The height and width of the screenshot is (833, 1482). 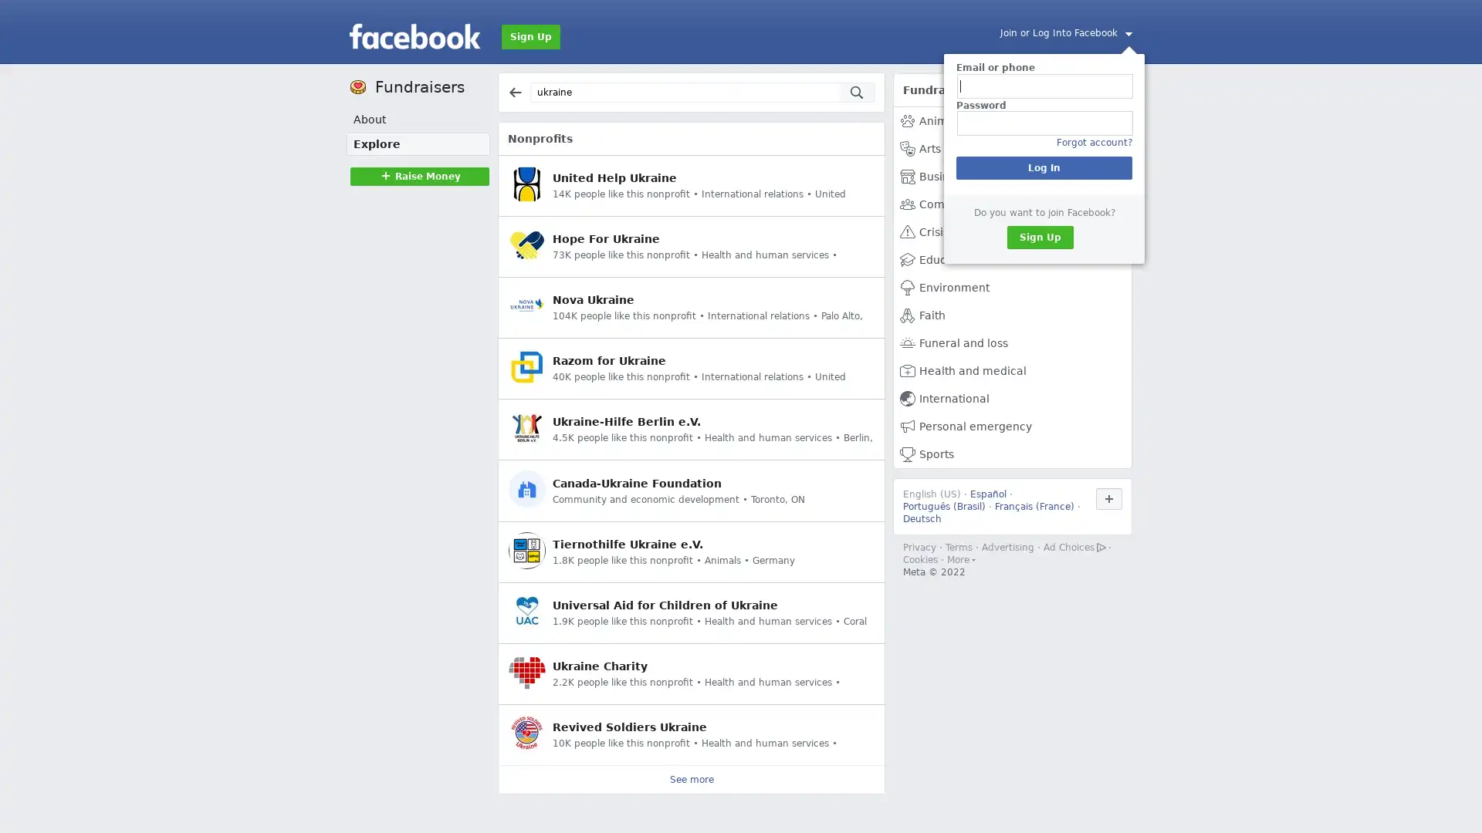 What do you see at coordinates (1044, 168) in the screenshot?
I see `Log In` at bounding box center [1044, 168].